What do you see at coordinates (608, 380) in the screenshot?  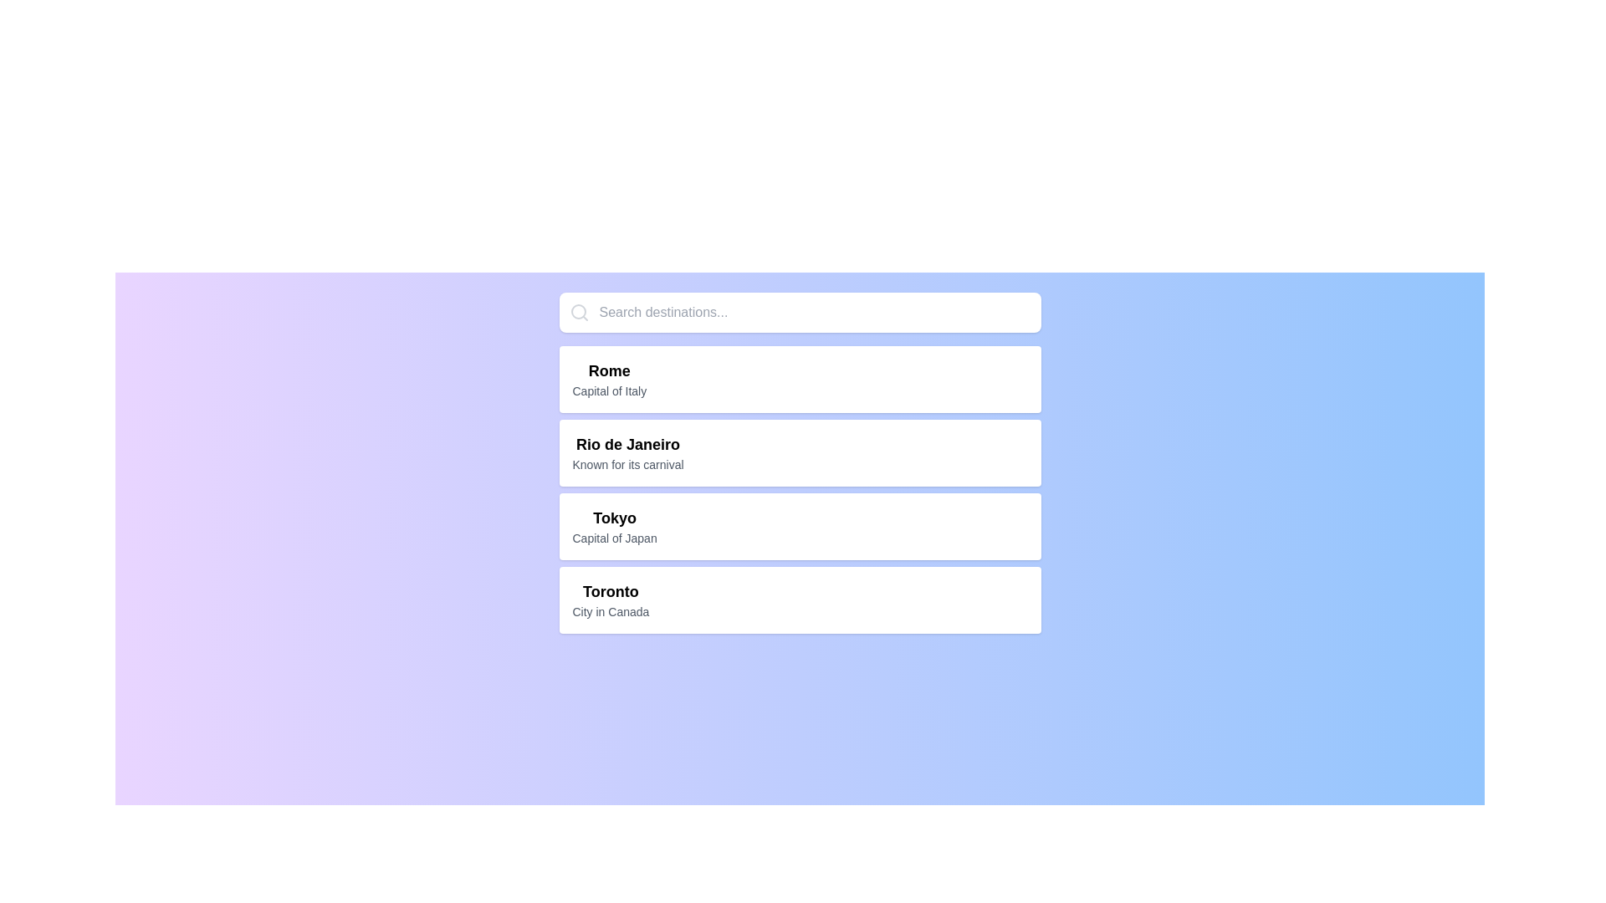 I see `the descriptive text block that provides information about the city of Rome, which is the first element in a vertical list located beneath a search bar` at bounding box center [608, 380].